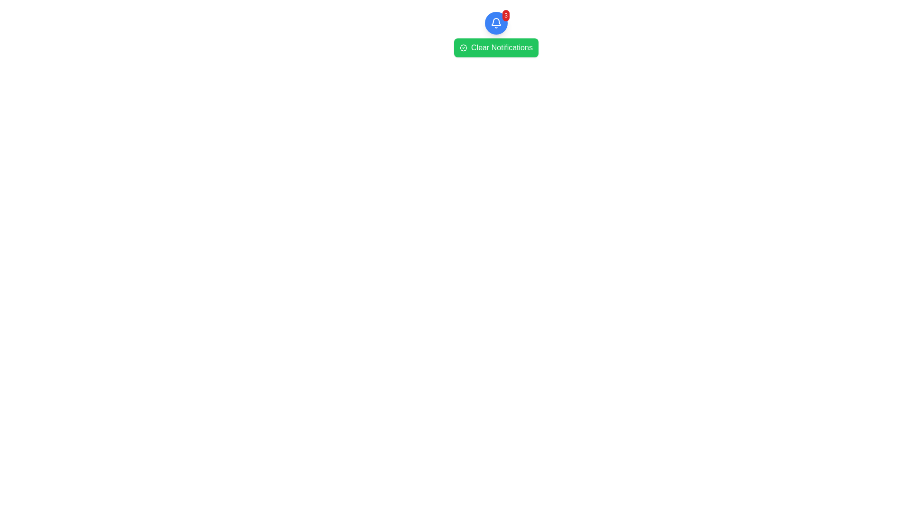 The height and width of the screenshot is (512, 911). What do you see at coordinates (496, 47) in the screenshot?
I see `the clear notifications button located beneath the notification icon counter` at bounding box center [496, 47].